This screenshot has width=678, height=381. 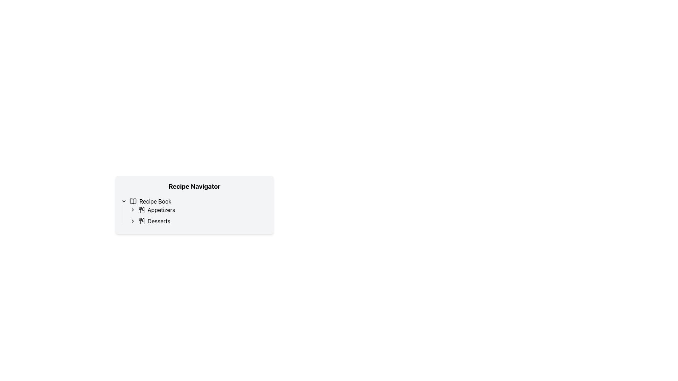 What do you see at coordinates (155, 201) in the screenshot?
I see `the 'Recipe Book' text label located in the 'Recipe Navigator' panel, which is the first item in the list next to a book icon` at bounding box center [155, 201].